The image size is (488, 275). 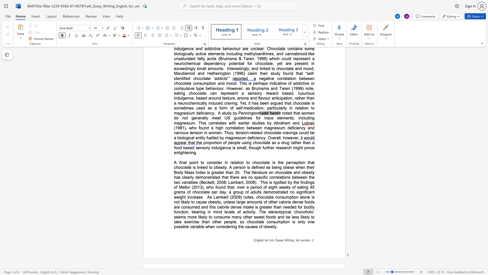 I want to click on the subset text "uses of o" within the text "e causes of obesity.", so click(x=249, y=226).